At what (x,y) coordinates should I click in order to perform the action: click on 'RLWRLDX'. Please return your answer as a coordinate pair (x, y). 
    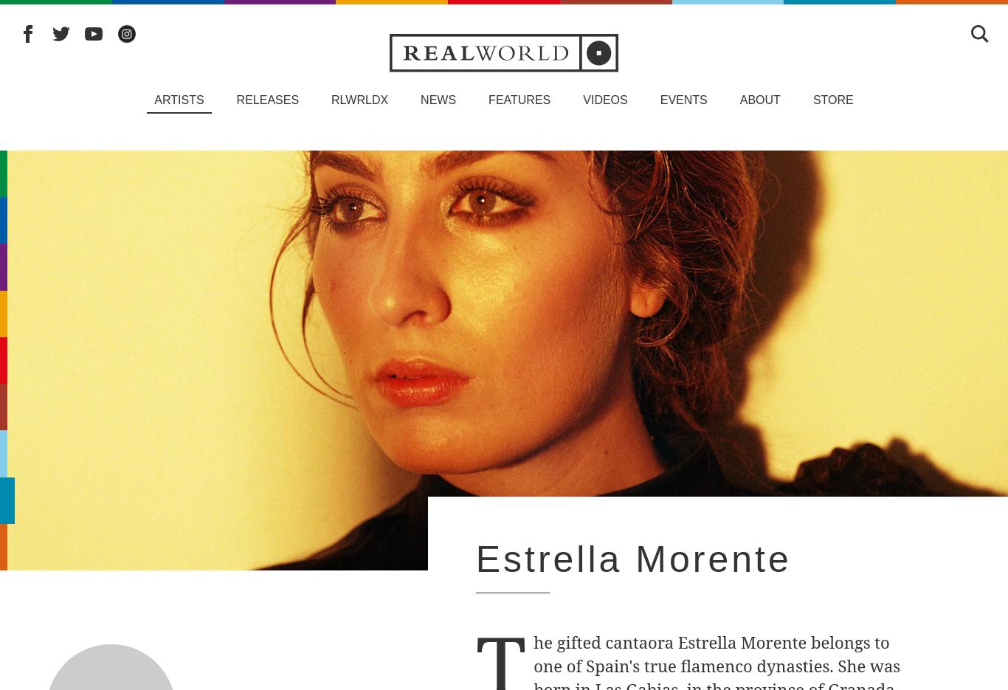
    Looking at the image, I should click on (359, 100).